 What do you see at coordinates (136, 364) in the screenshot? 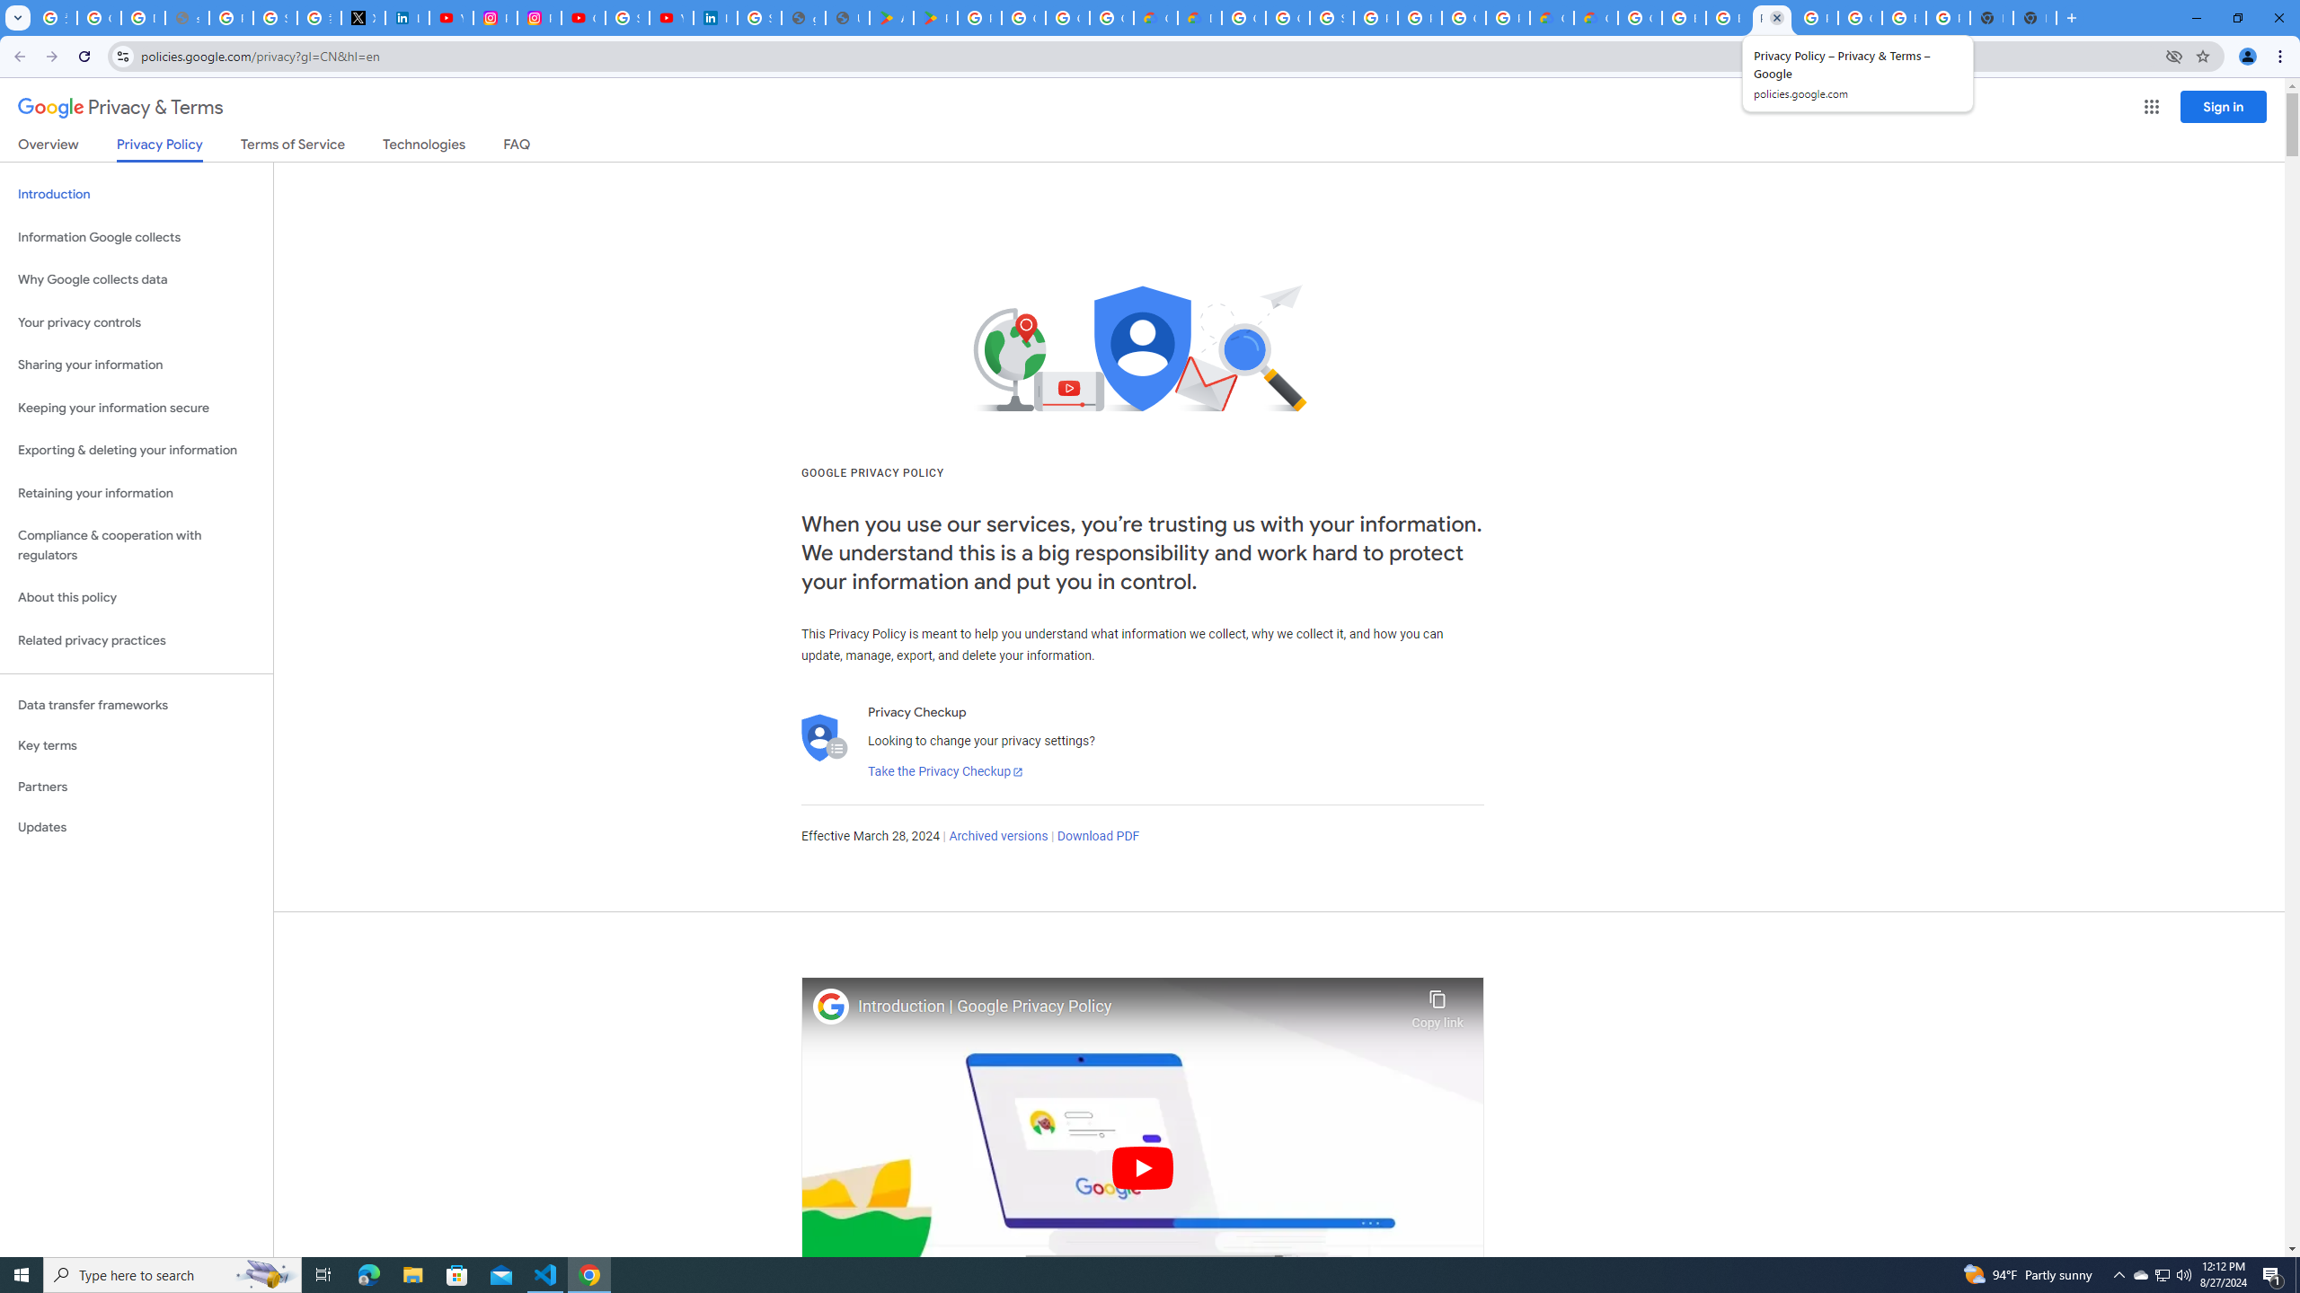
I see `'Sharing your information'` at bounding box center [136, 364].